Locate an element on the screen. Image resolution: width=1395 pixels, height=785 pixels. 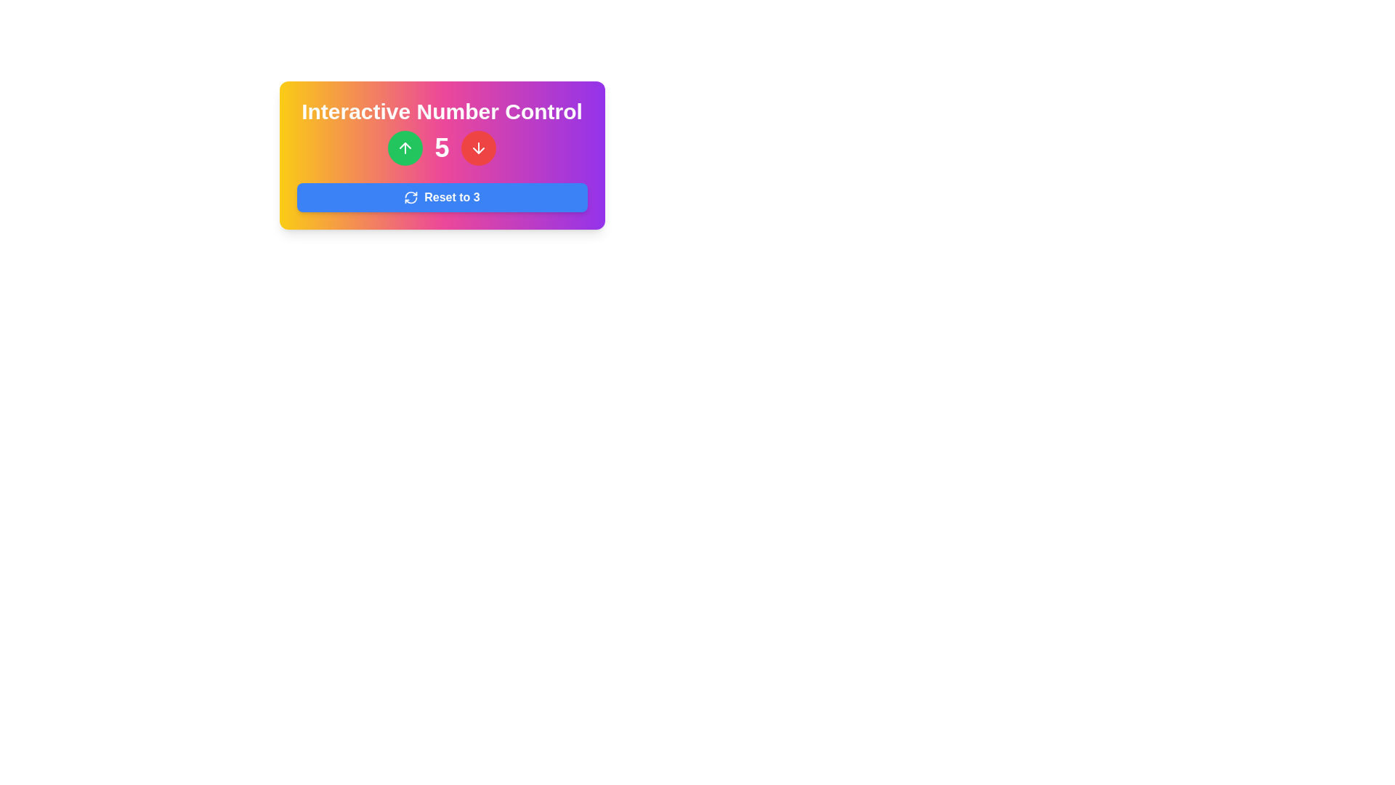
the text label 'Interactive Number Control' which is prominently styled in bold, large font at the top of its card with a multicolored gradient background is located at coordinates (441, 111).